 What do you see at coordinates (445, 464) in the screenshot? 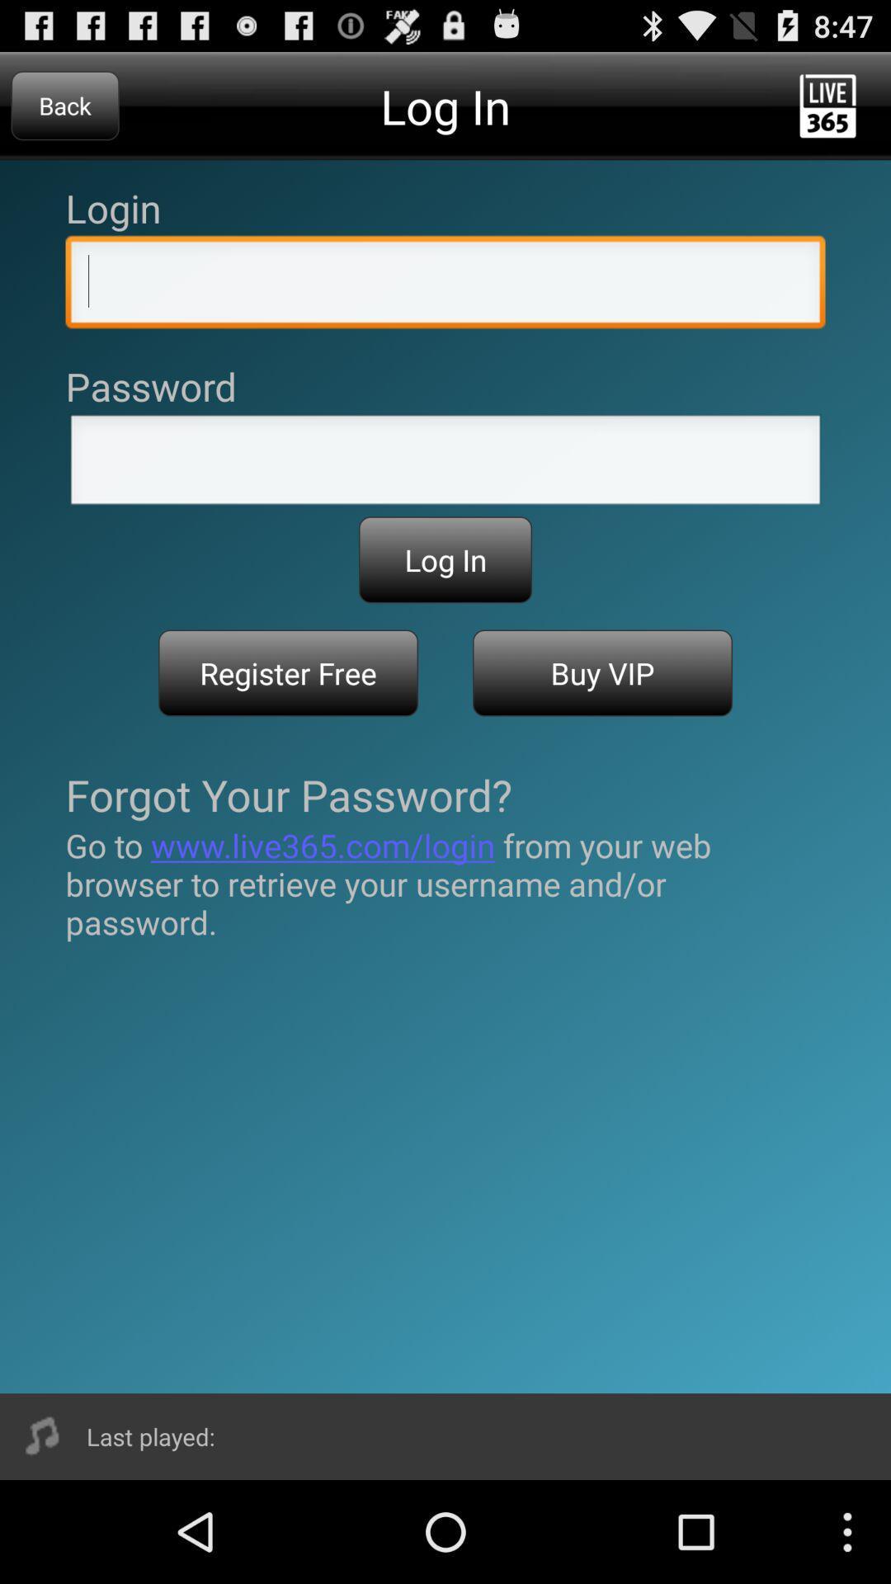
I see `password field` at bounding box center [445, 464].